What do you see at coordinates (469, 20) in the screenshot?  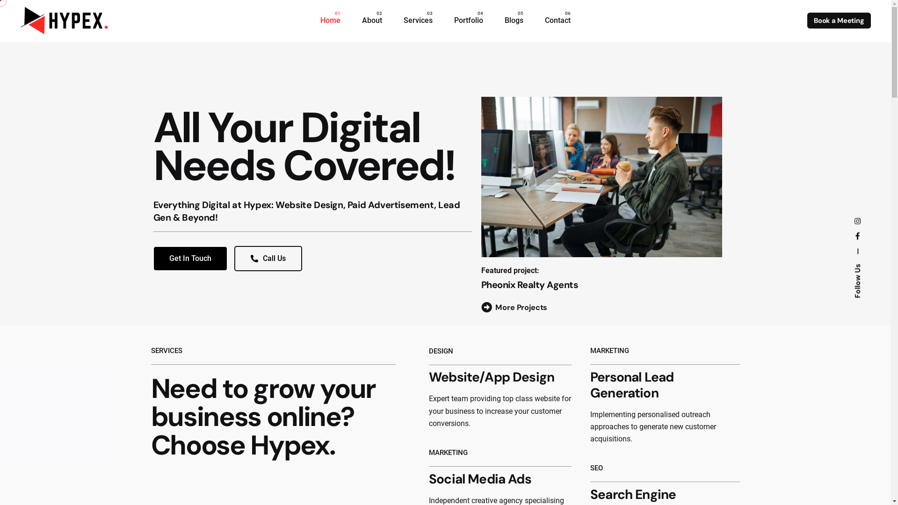 I see `'Portfolio'` at bounding box center [469, 20].